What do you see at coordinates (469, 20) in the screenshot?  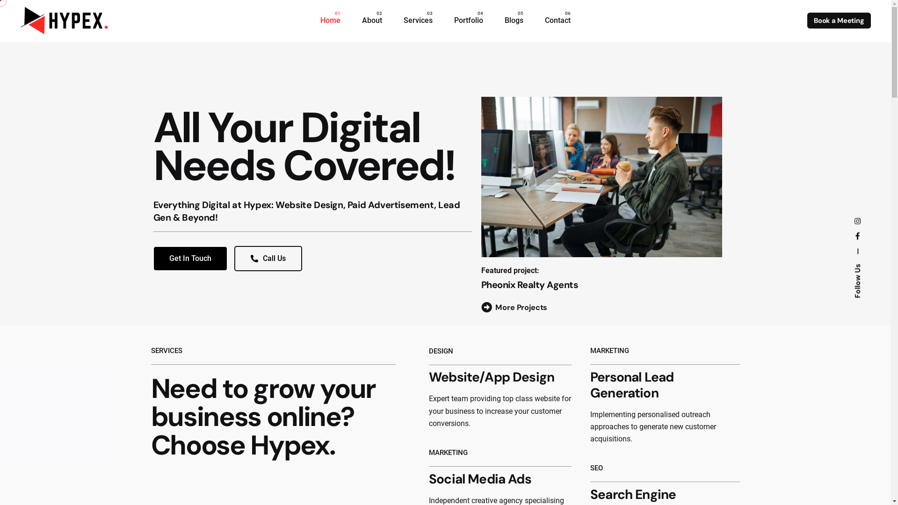 I see `'Portfolio'` at bounding box center [469, 20].